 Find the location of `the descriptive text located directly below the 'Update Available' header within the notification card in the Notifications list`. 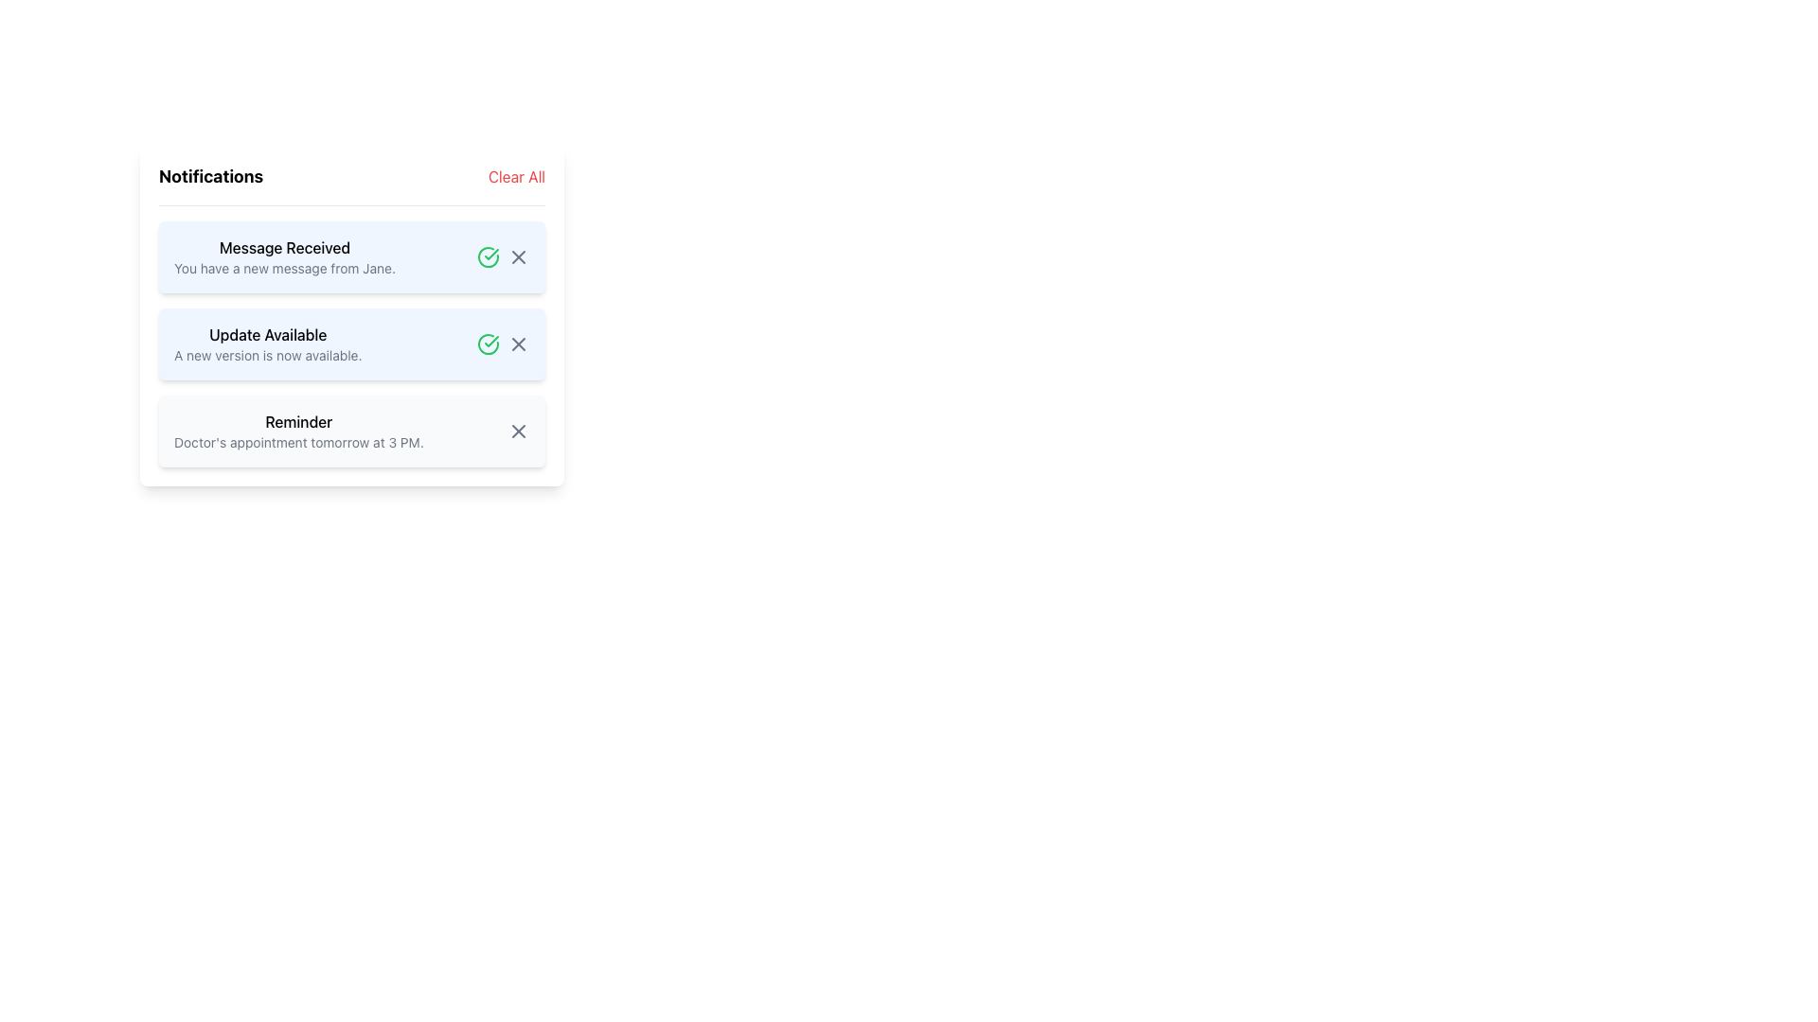

the descriptive text located directly below the 'Update Available' header within the notification card in the Notifications list is located at coordinates (267, 355).